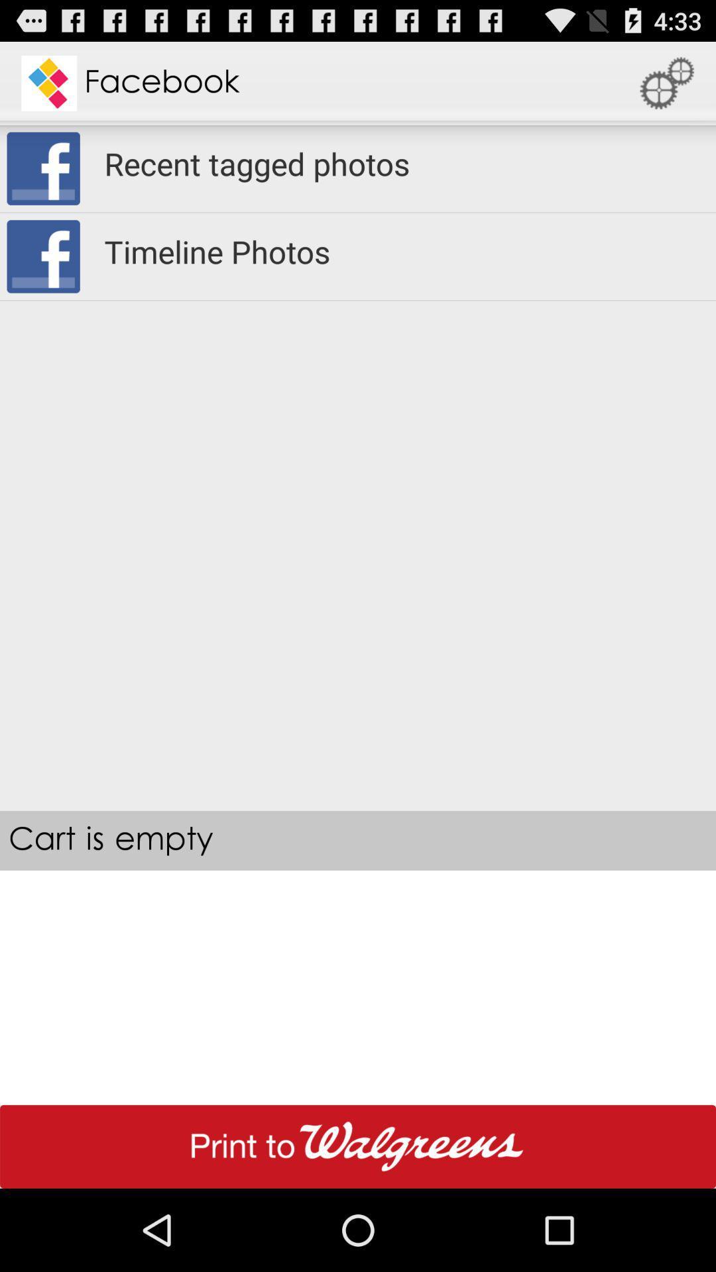 This screenshot has width=716, height=1272. What do you see at coordinates (667, 82) in the screenshot?
I see `item at the top right corner` at bounding box center [667, 82].